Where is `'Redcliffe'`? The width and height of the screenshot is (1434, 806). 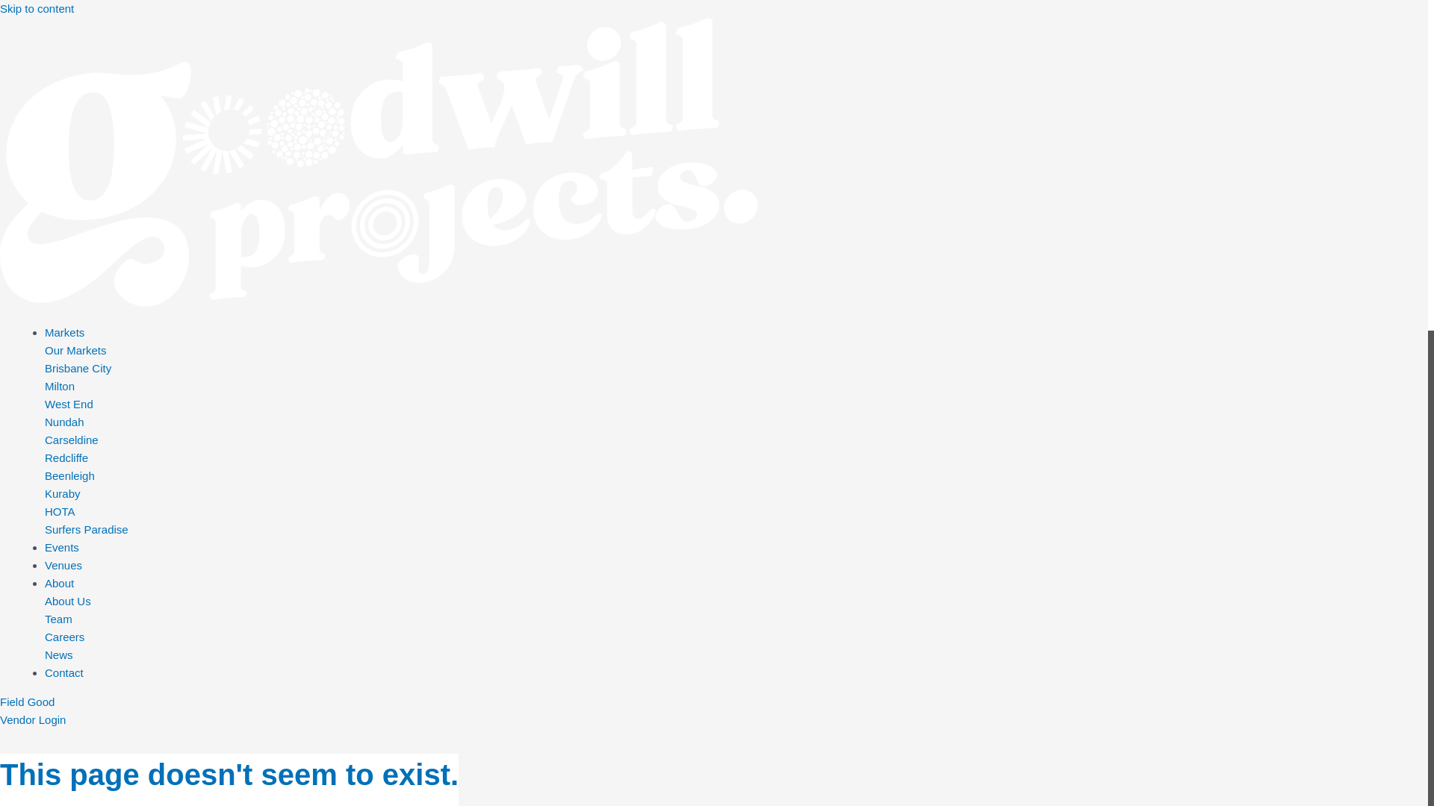
'Redcliffe' is located at coordinates (66, 457).